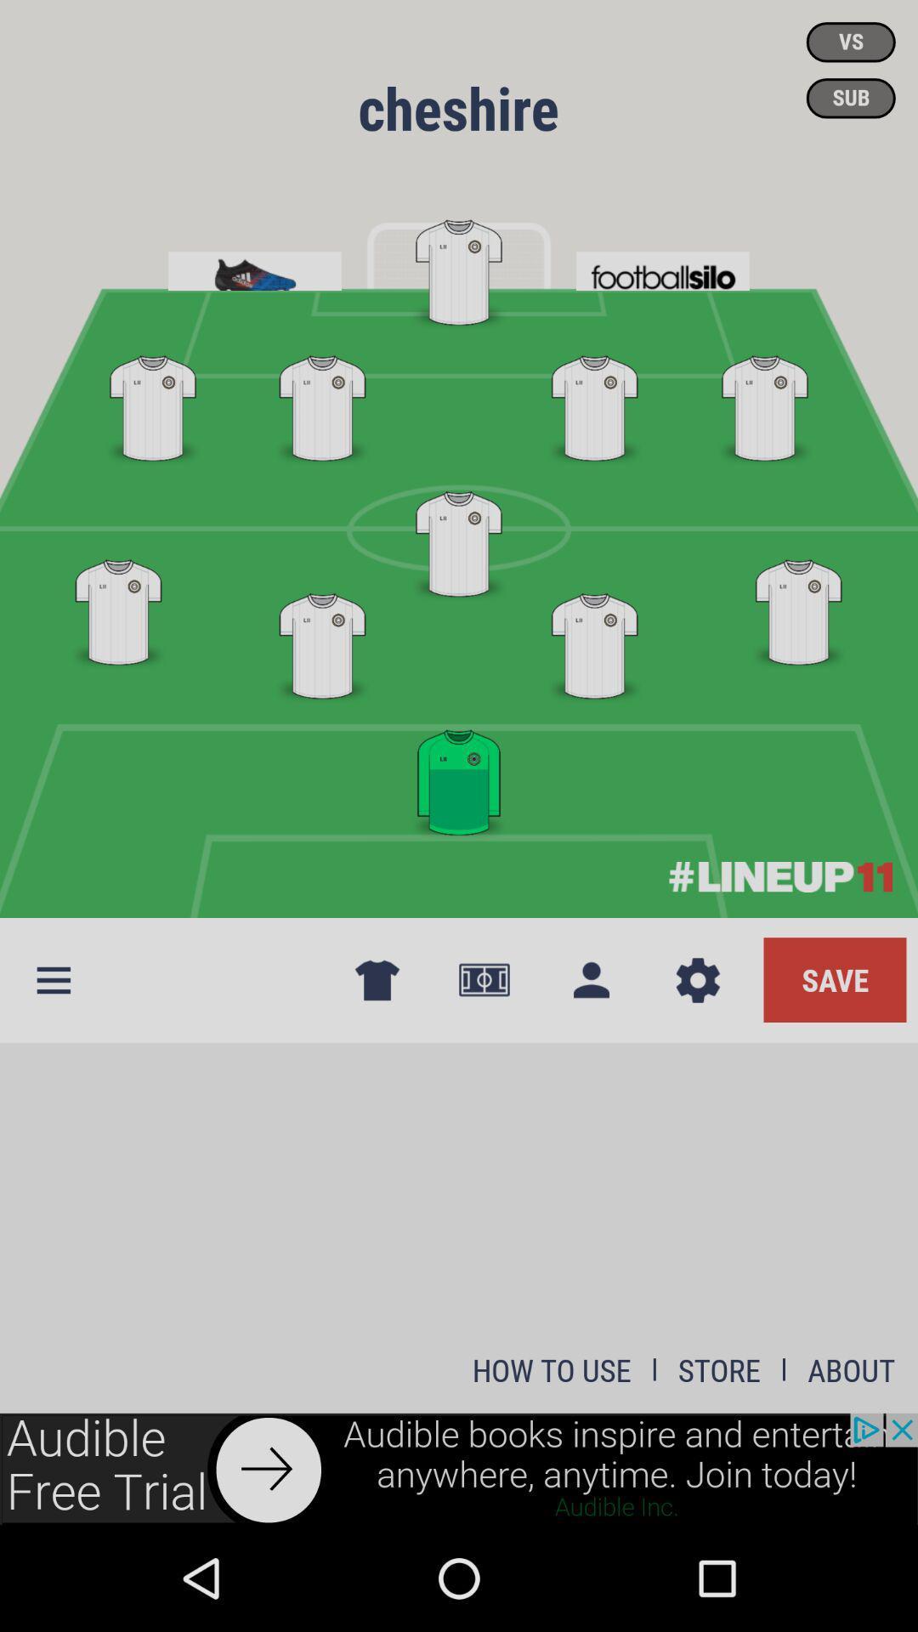 This screenshot has width=918, height=1632. Describe the element at coordinates (698, 980) in the screenshot. I see `the settings icon` at that location.